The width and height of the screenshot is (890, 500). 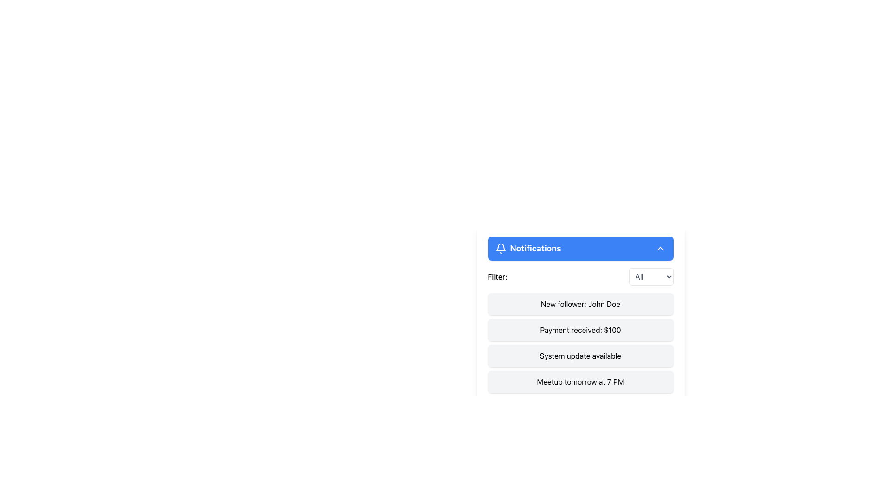 What do you see at coordinates (580, 304) in the screenshot?
I see `the static notification card displaying a message about a new follower named John Doe, located at the top of the notifications list` at bounding box center [580, 304].